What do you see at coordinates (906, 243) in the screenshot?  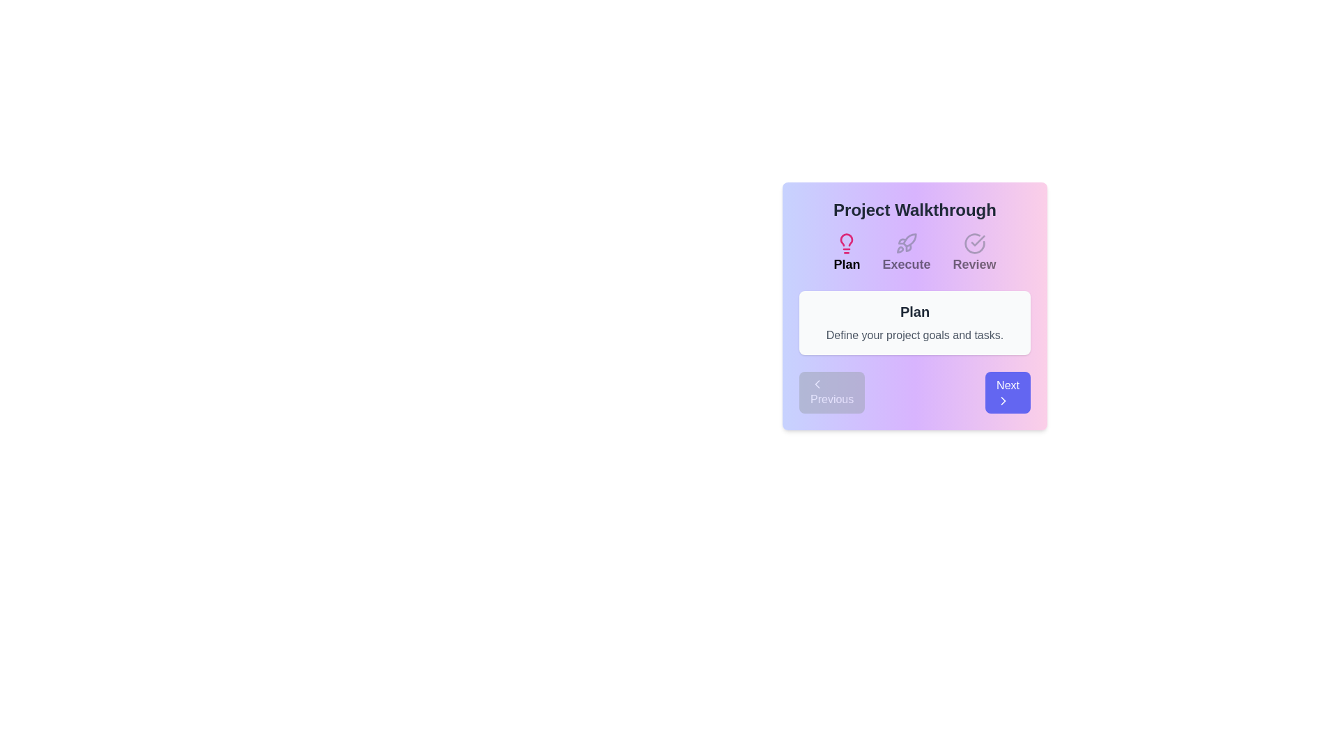 I see `the icon of the step Execute` at bounding box center [906, 243].